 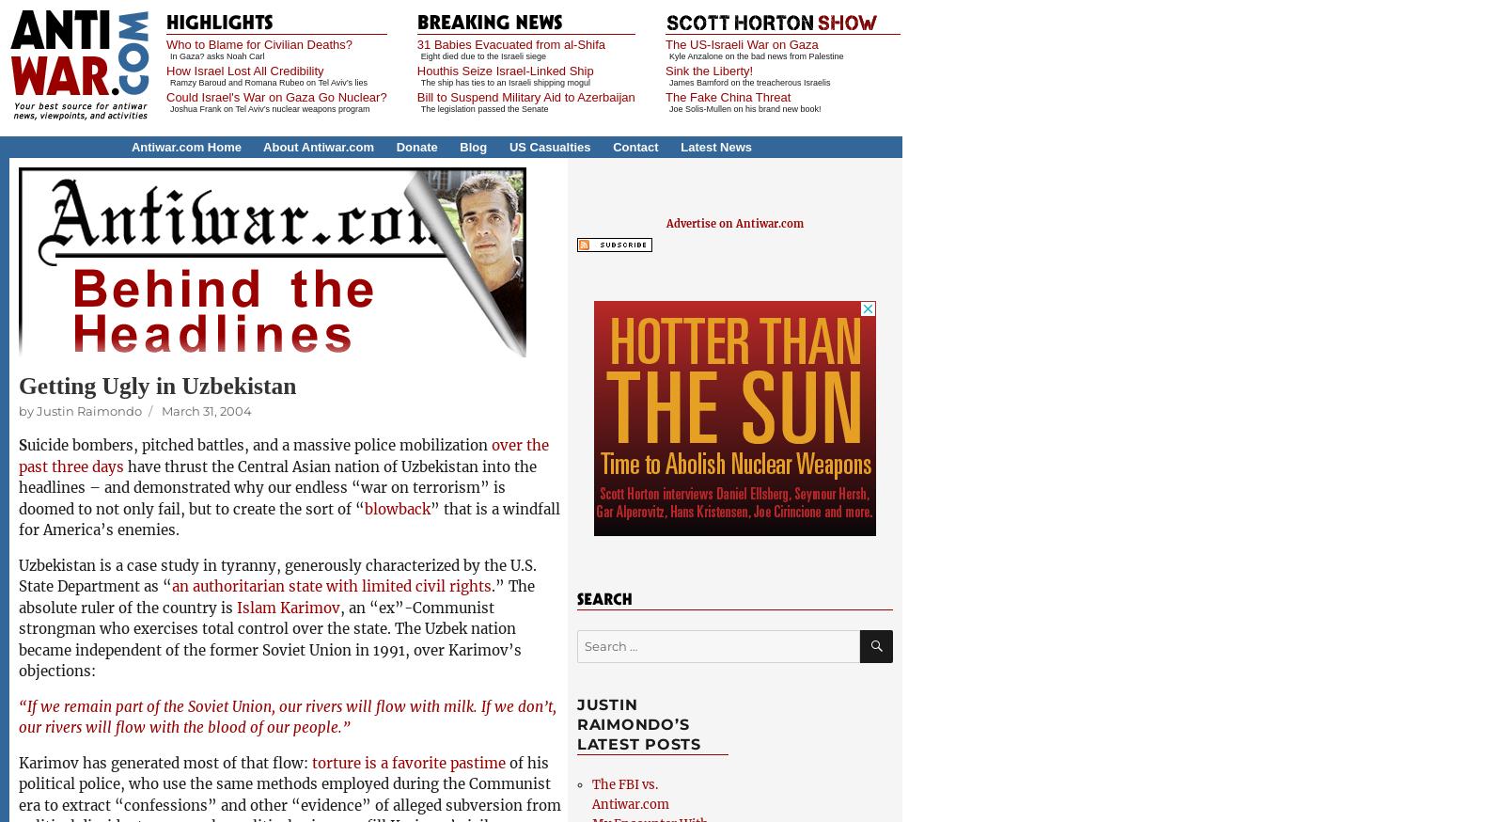 I want to click on 'Kyle Anzalone on the bad news from Palestine', so click(x=669, y=55).